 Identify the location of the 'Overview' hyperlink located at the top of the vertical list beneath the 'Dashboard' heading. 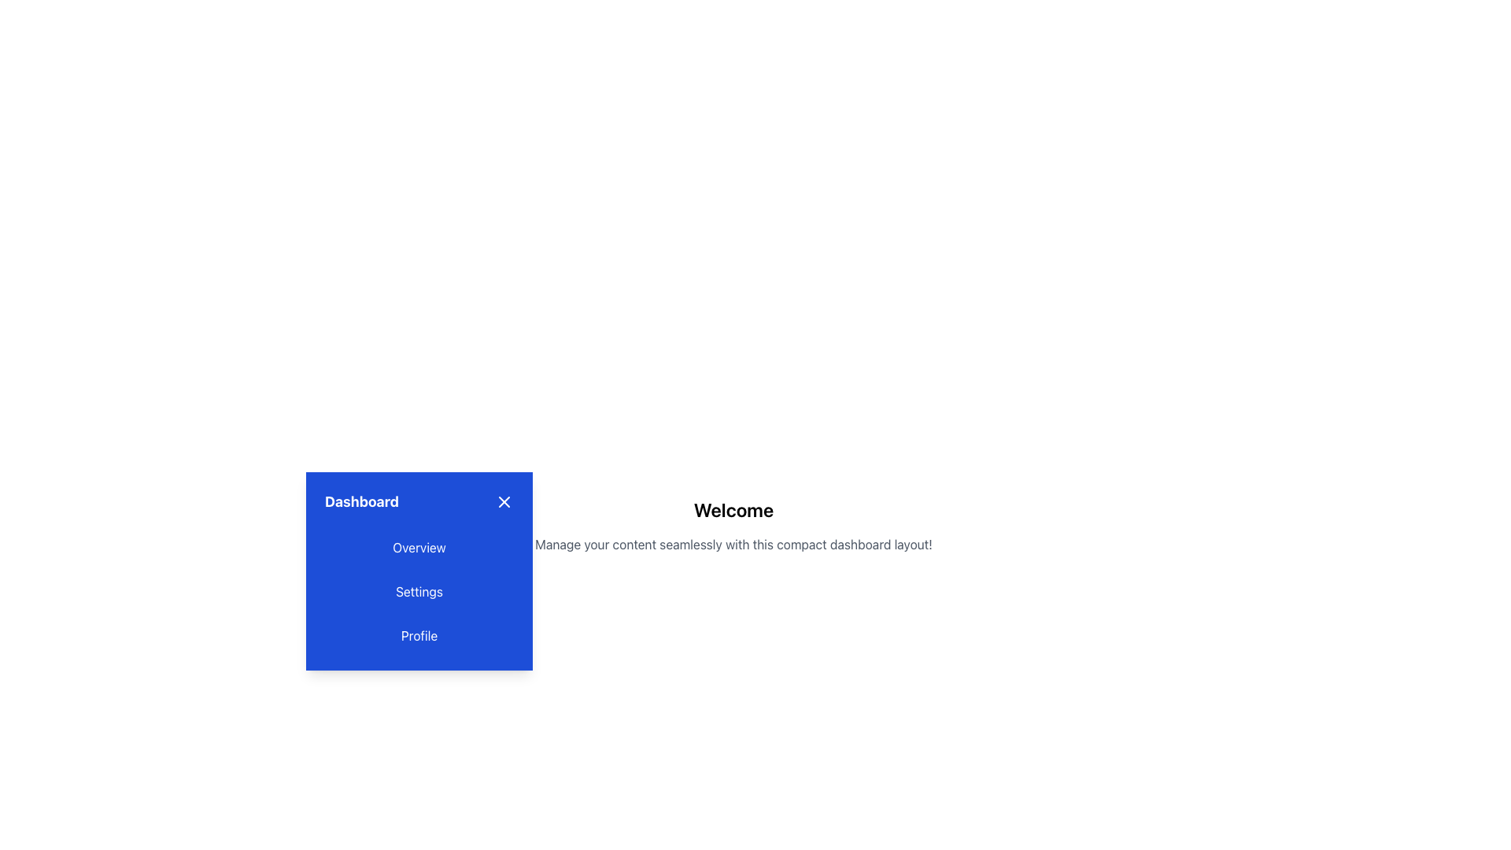
(419, 546).